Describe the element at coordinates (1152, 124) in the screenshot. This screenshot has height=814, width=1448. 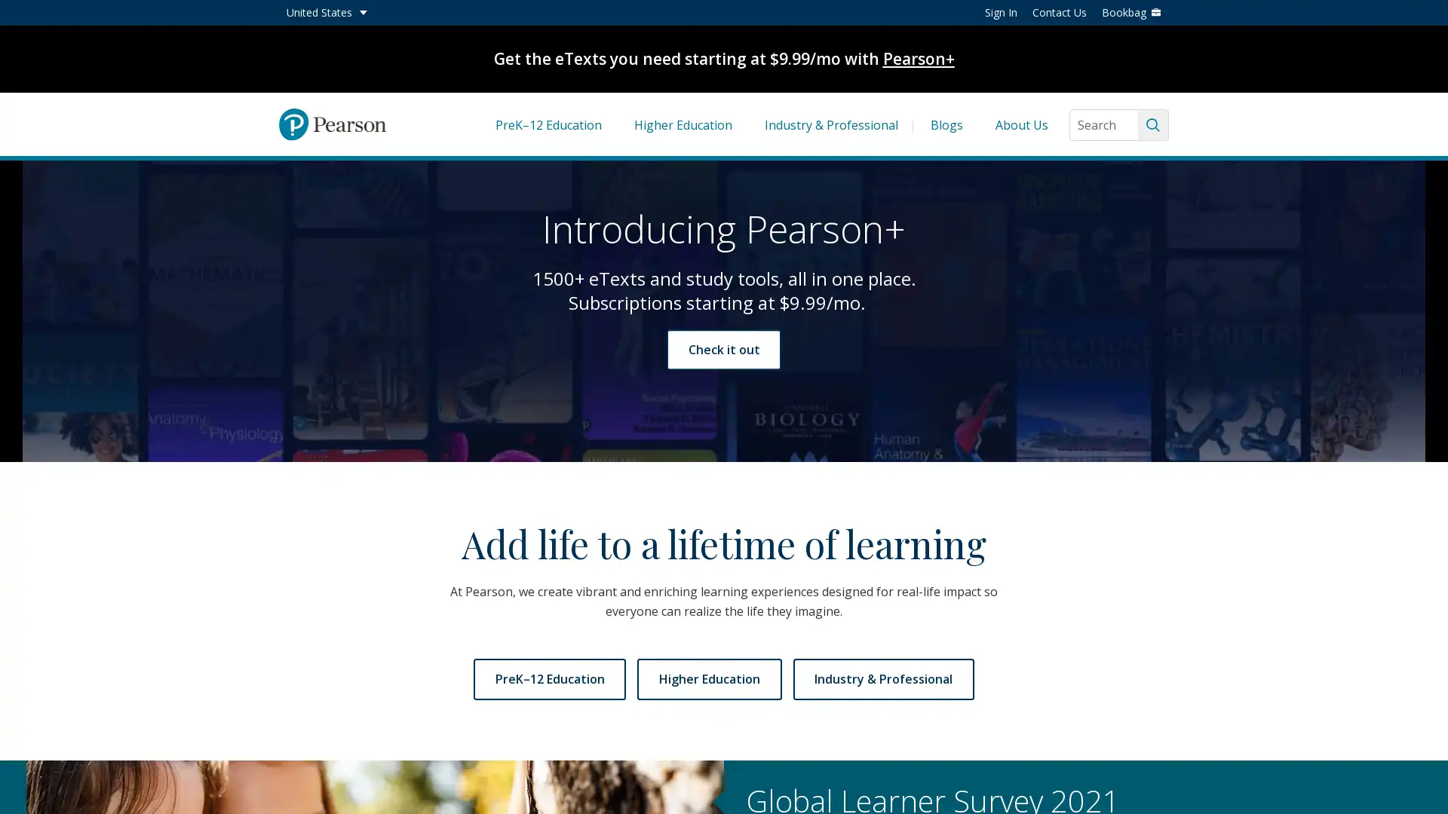
I see `Search` at that location.